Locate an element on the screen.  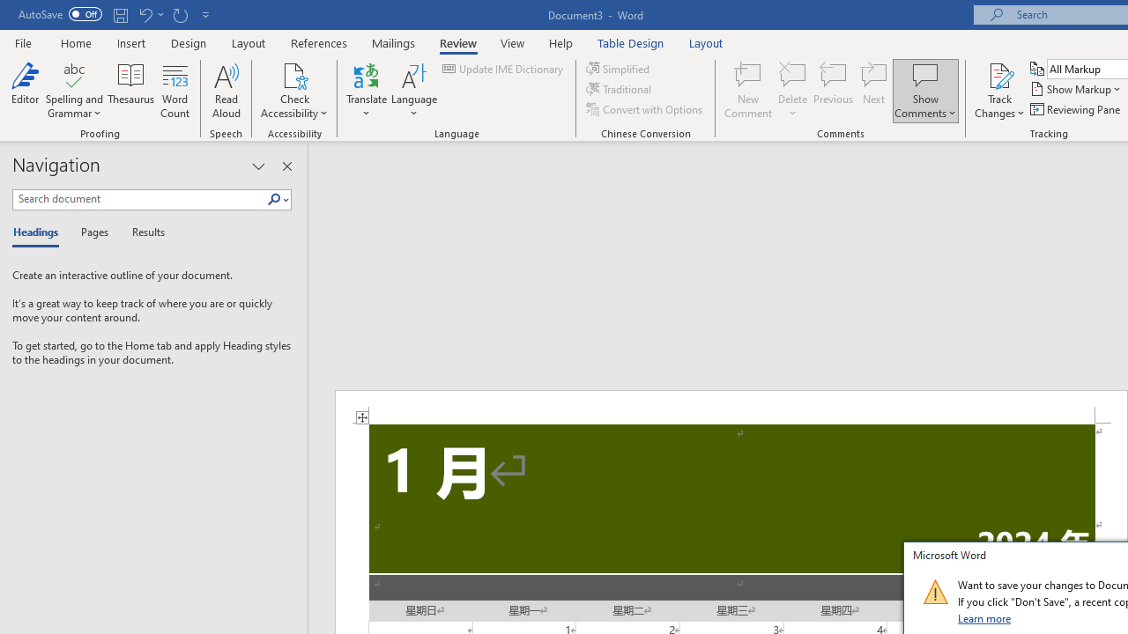
'Search document' is located at coordinates (138, 198).